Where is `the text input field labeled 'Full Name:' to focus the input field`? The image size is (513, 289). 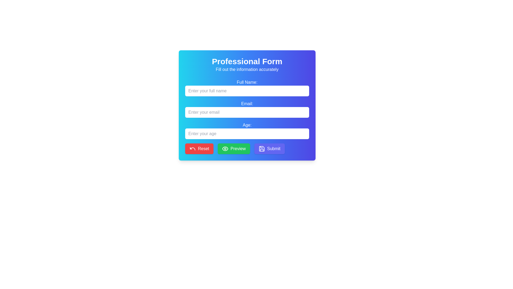 the text input field labeled 'Full Name:' to focus the input field is located at coordinates (247, 87).